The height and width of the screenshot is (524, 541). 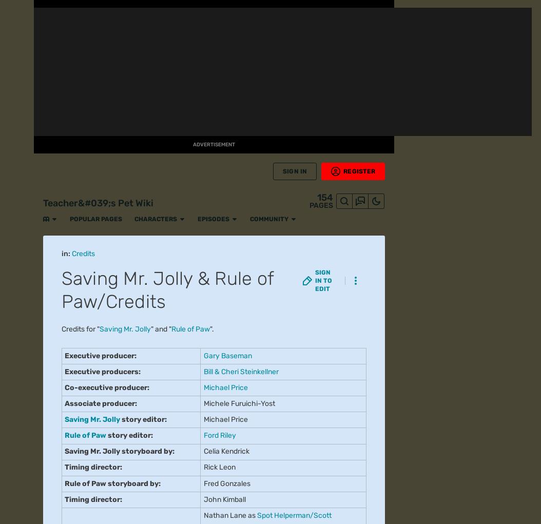 What do you see at coordinates (56, 479) in the screenshot?
I see `'Fandom'` at bounding box center [56, 479].